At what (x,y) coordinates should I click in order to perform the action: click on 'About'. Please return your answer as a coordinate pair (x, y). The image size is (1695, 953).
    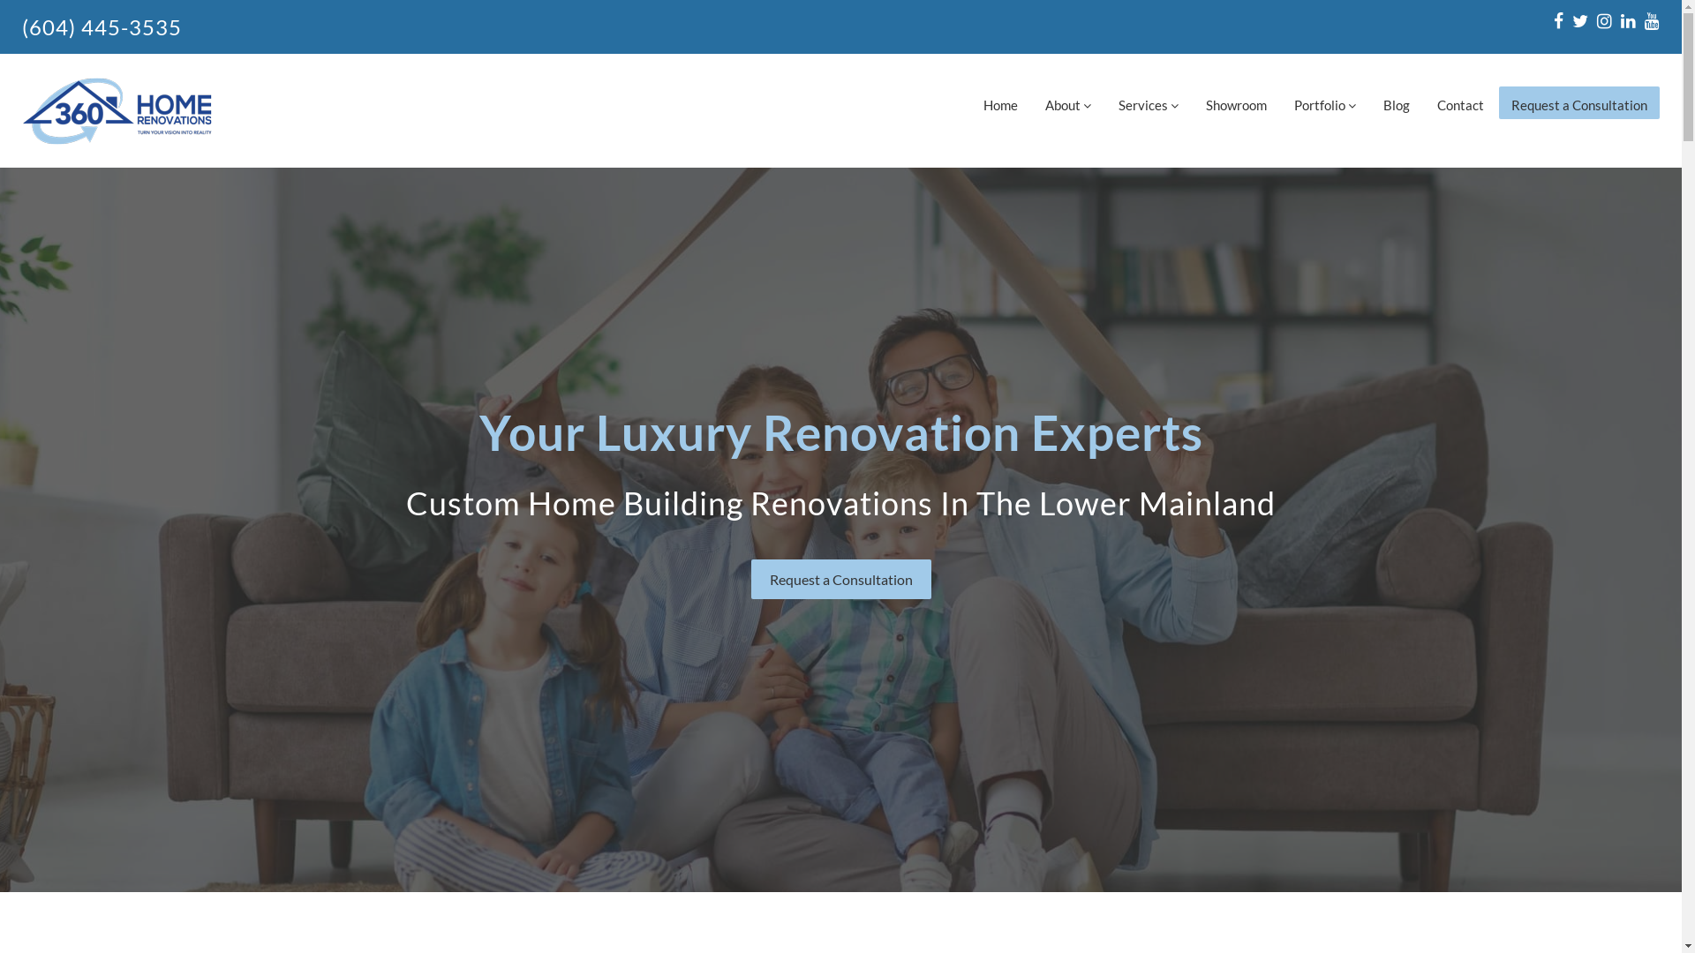
    Looking at the image, I should click on (1066, 102).